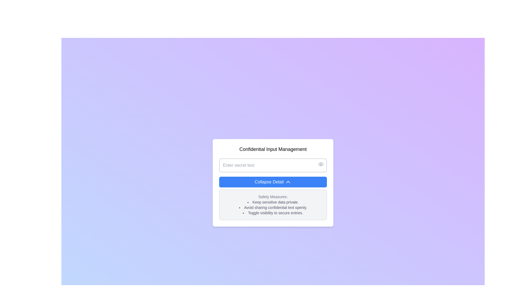 This screenshot has height=290, width=517. What do you see at coordinates (288, 182) in the screenshot?
I see `the upward-pointing chevron icon on the blue 'Collapse Detail' button, which is styled with a thin, rounded line design and is located at the center-right of the button` at bounding box center [288, 182].